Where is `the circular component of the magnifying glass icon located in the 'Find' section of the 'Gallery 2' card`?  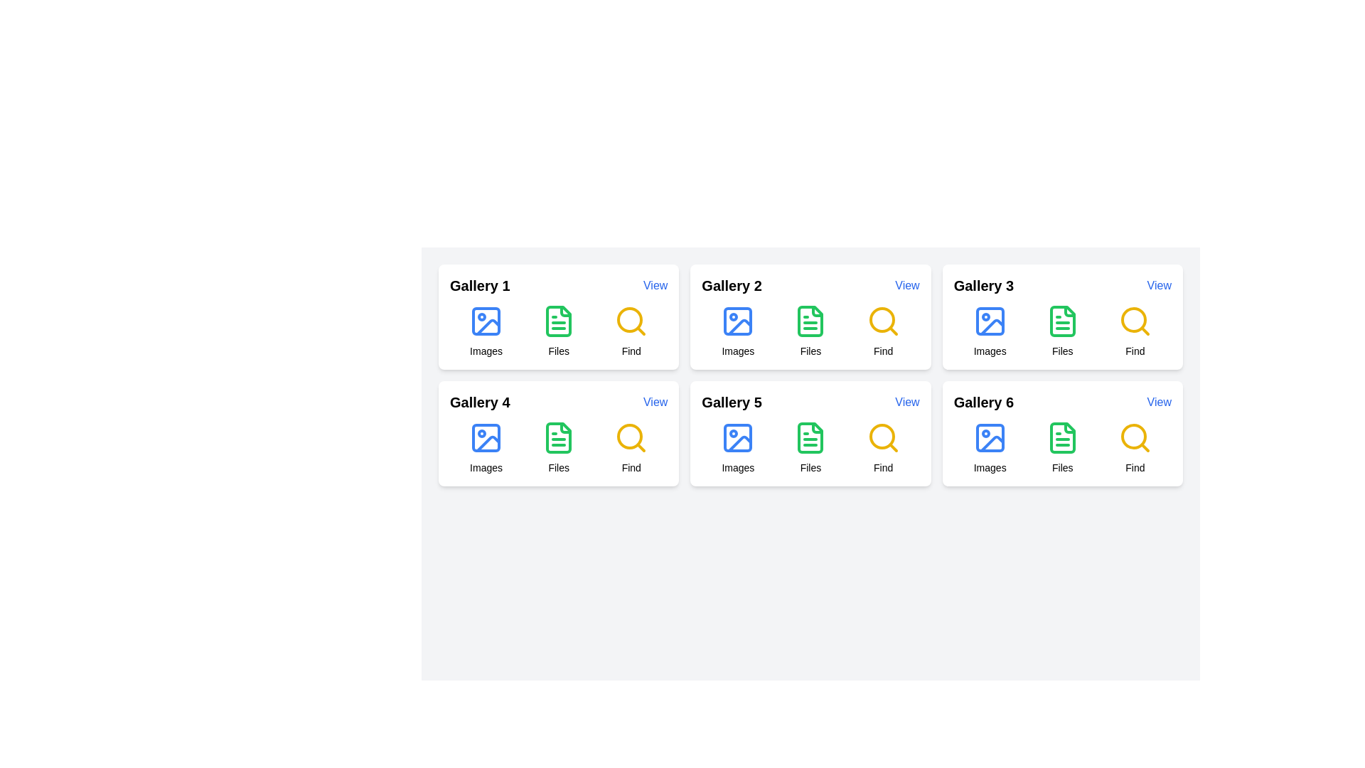 the circular component of the magnifying glass icon located in the 'Find' section of the 'Gallery 2' card is located at coordinates (881, 320).